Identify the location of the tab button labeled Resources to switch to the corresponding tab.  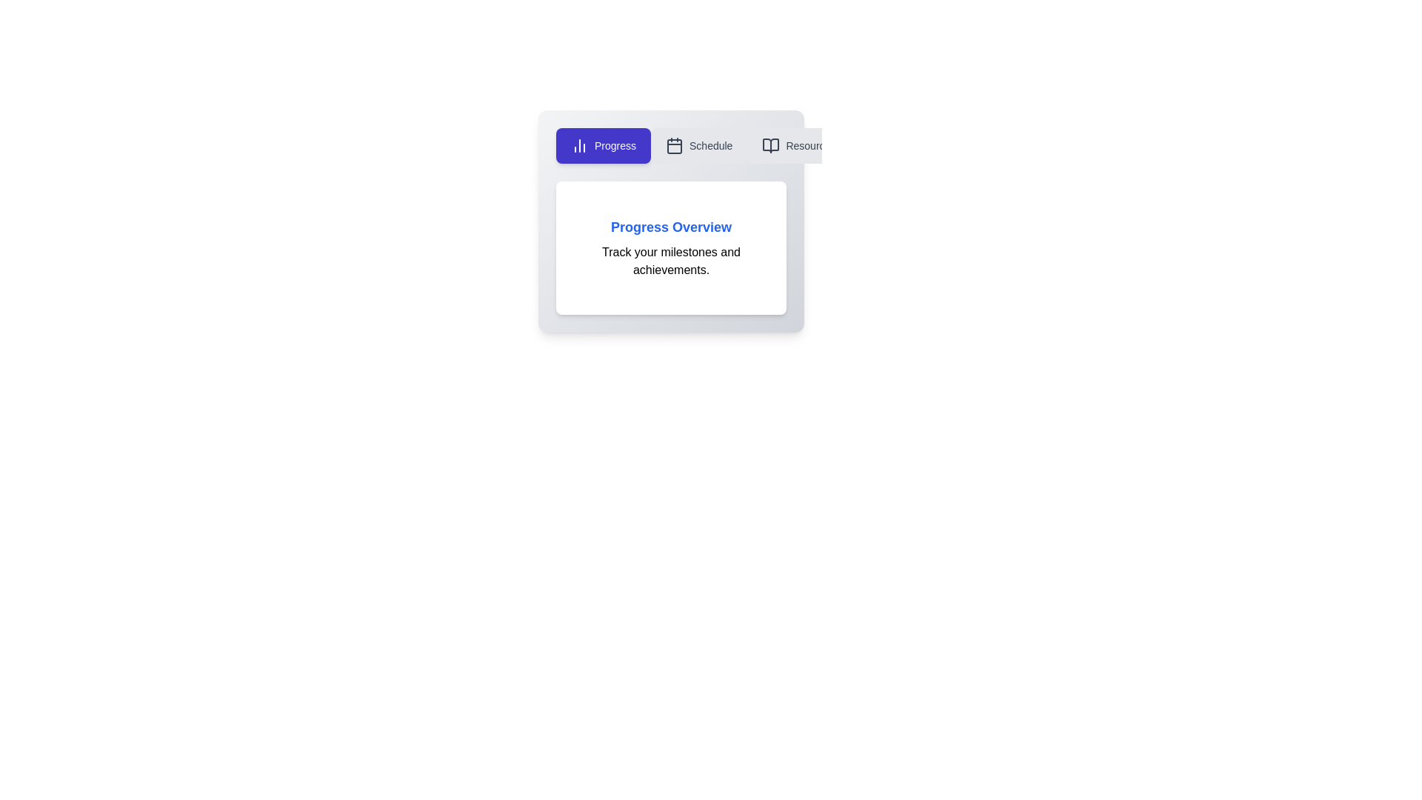
(798, 145).